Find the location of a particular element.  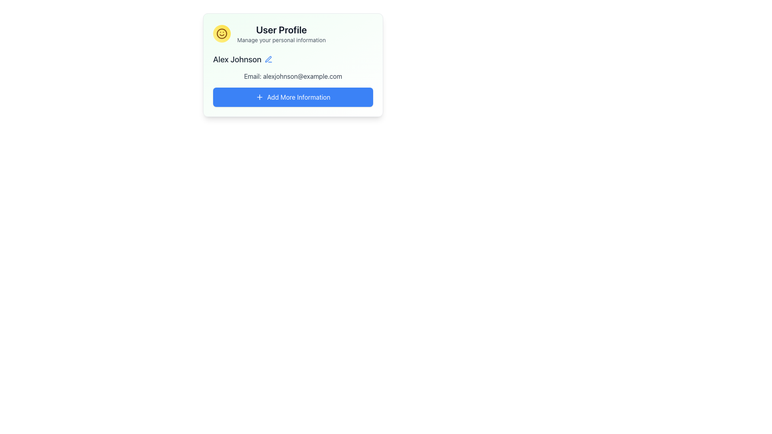

the Text Display that shows 'Email: alexjohnson@example.com', which is styled in gray and positioned below the name 'Alex Johnson' in the user profile card layout is located at coordinates (293, 76).